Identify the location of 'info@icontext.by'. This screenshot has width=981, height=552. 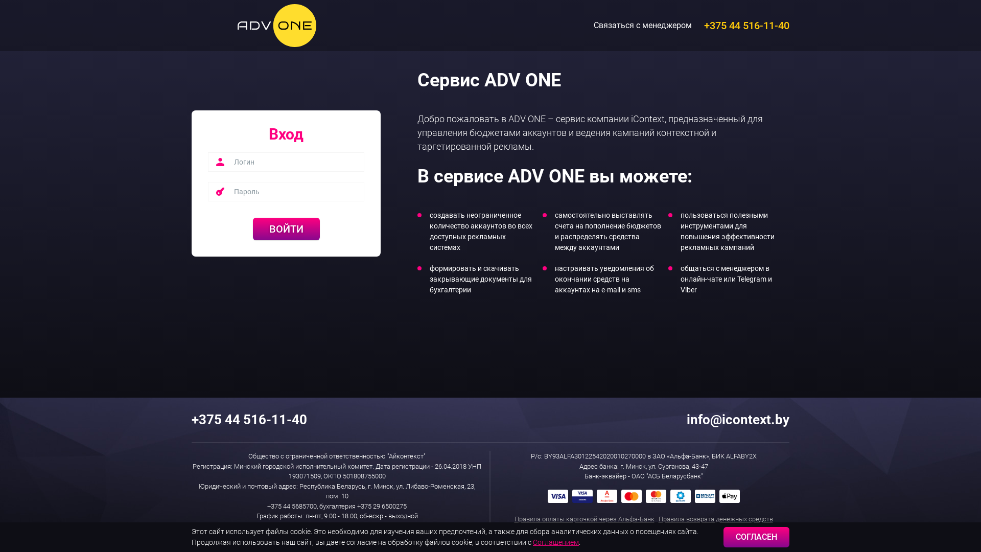
(736, 420).